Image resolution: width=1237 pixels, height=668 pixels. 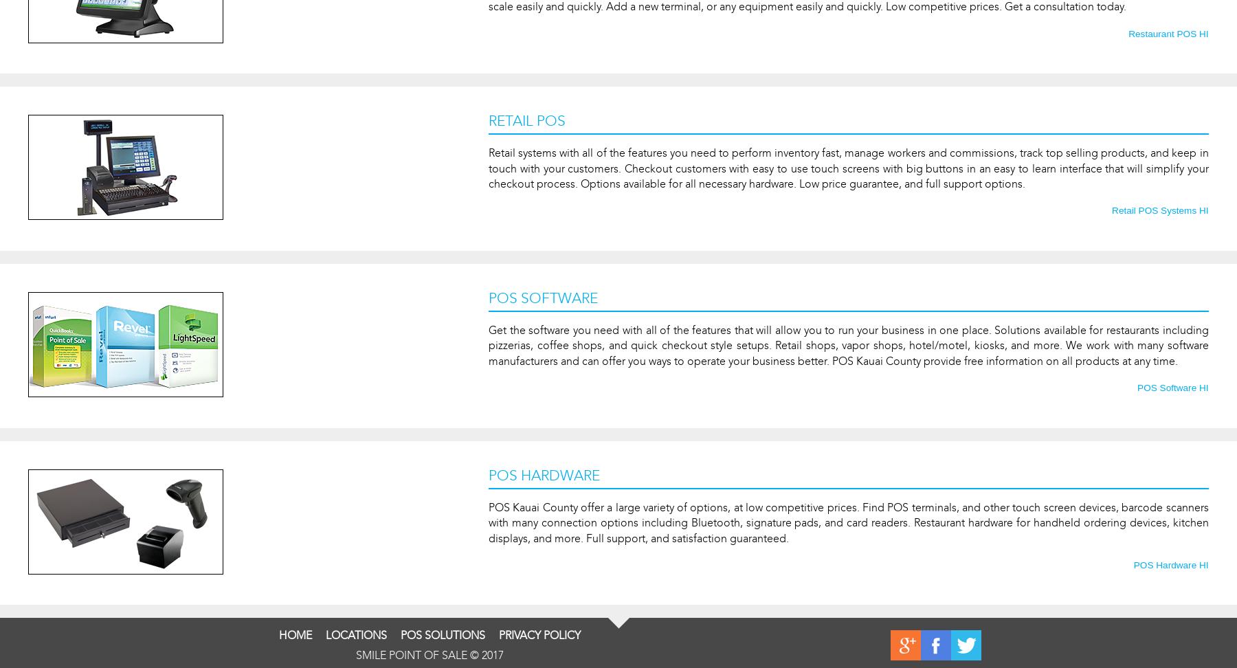 What do you see at coordinates (543, 298) in the screenshot?
I see `'POS Software'` at bounding box center [543, 298].